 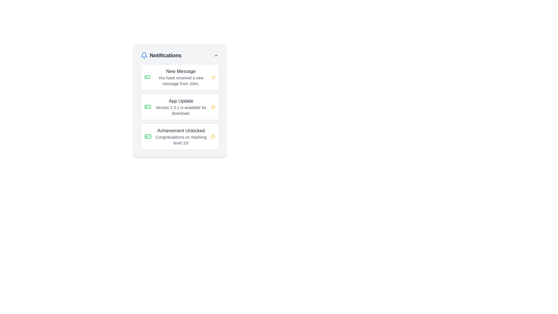 I want to click on the notification icon located at the top-left area of the notification panel, adjacent to the 'Notifications' text, so click(x=144, y=55).